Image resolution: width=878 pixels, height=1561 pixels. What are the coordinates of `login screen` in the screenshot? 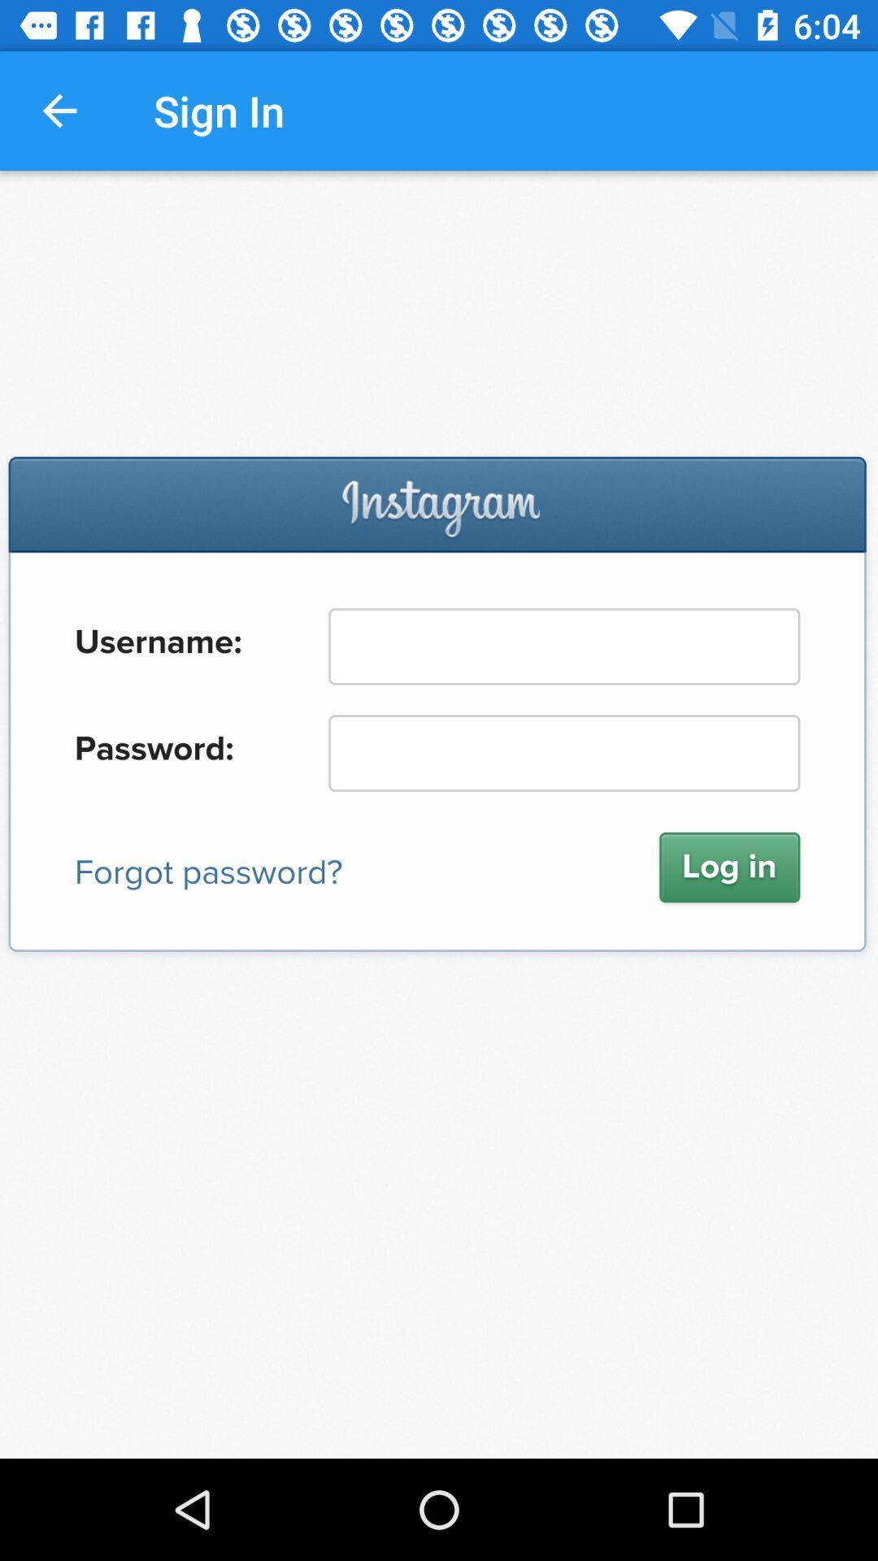 It's located at (439, 815).